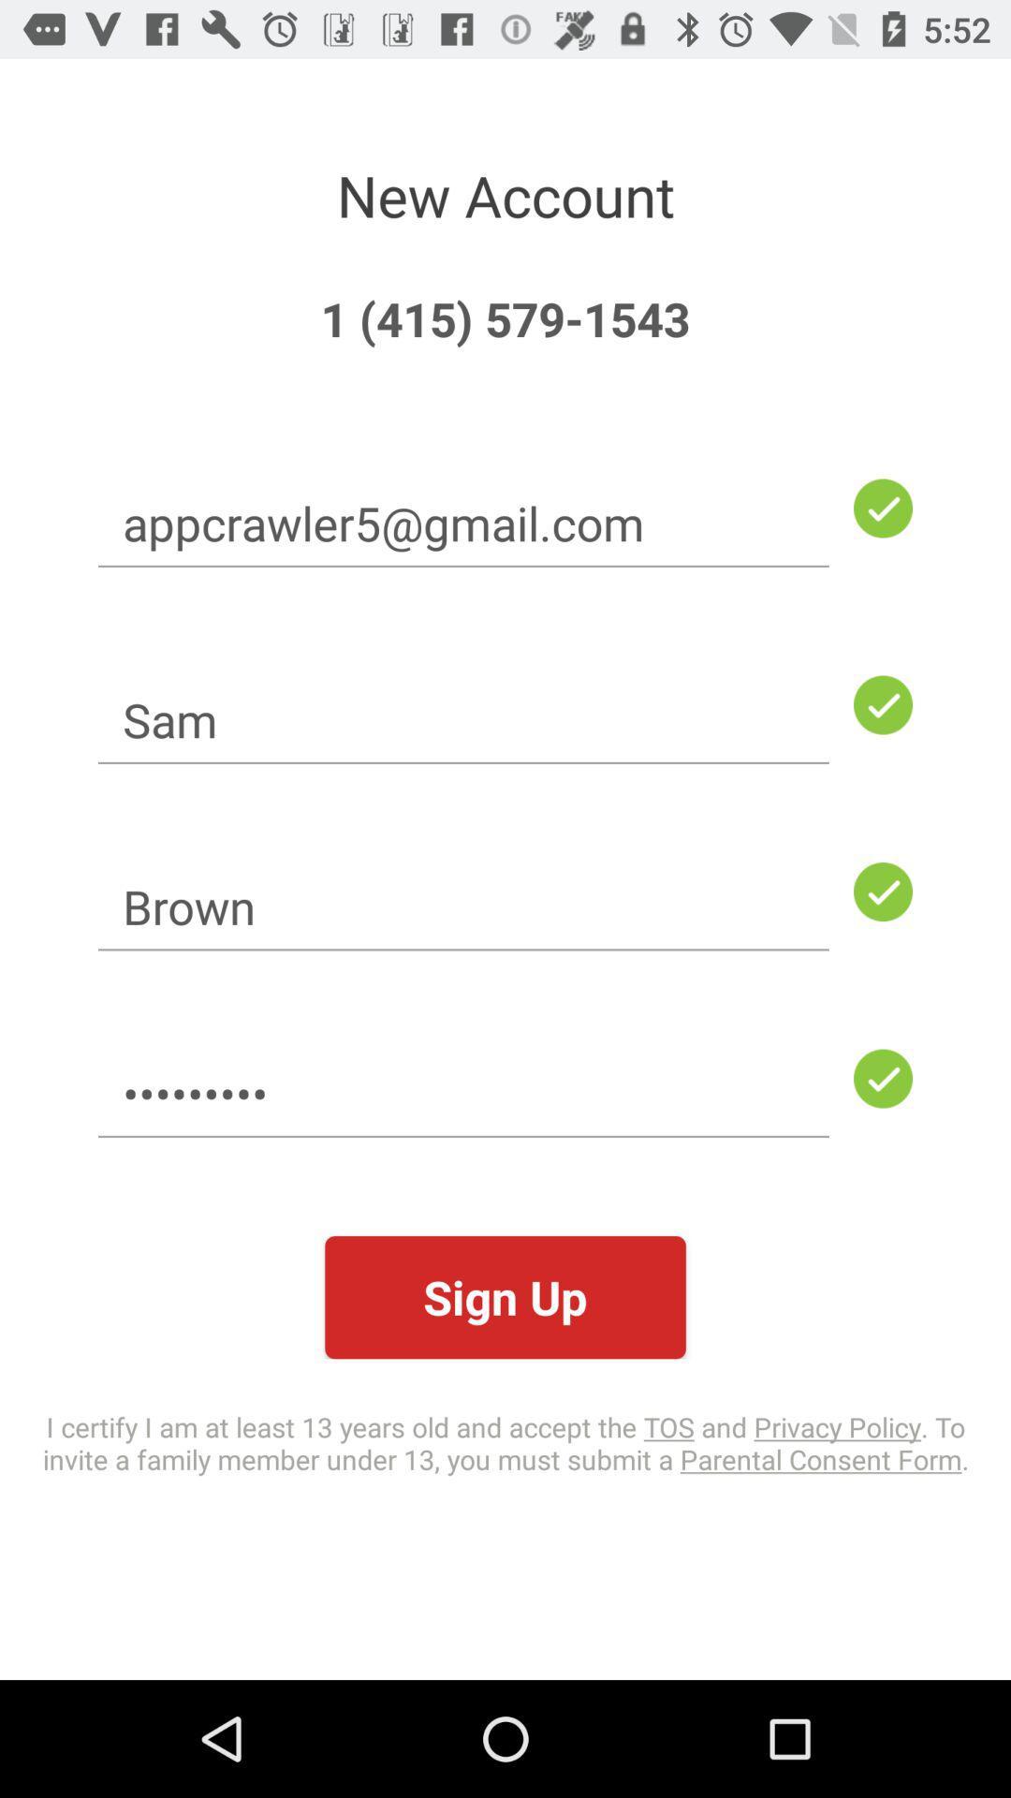  Describe the element at coordinates (463, 523) in the screenshot. I see `item above sam item` at that location.